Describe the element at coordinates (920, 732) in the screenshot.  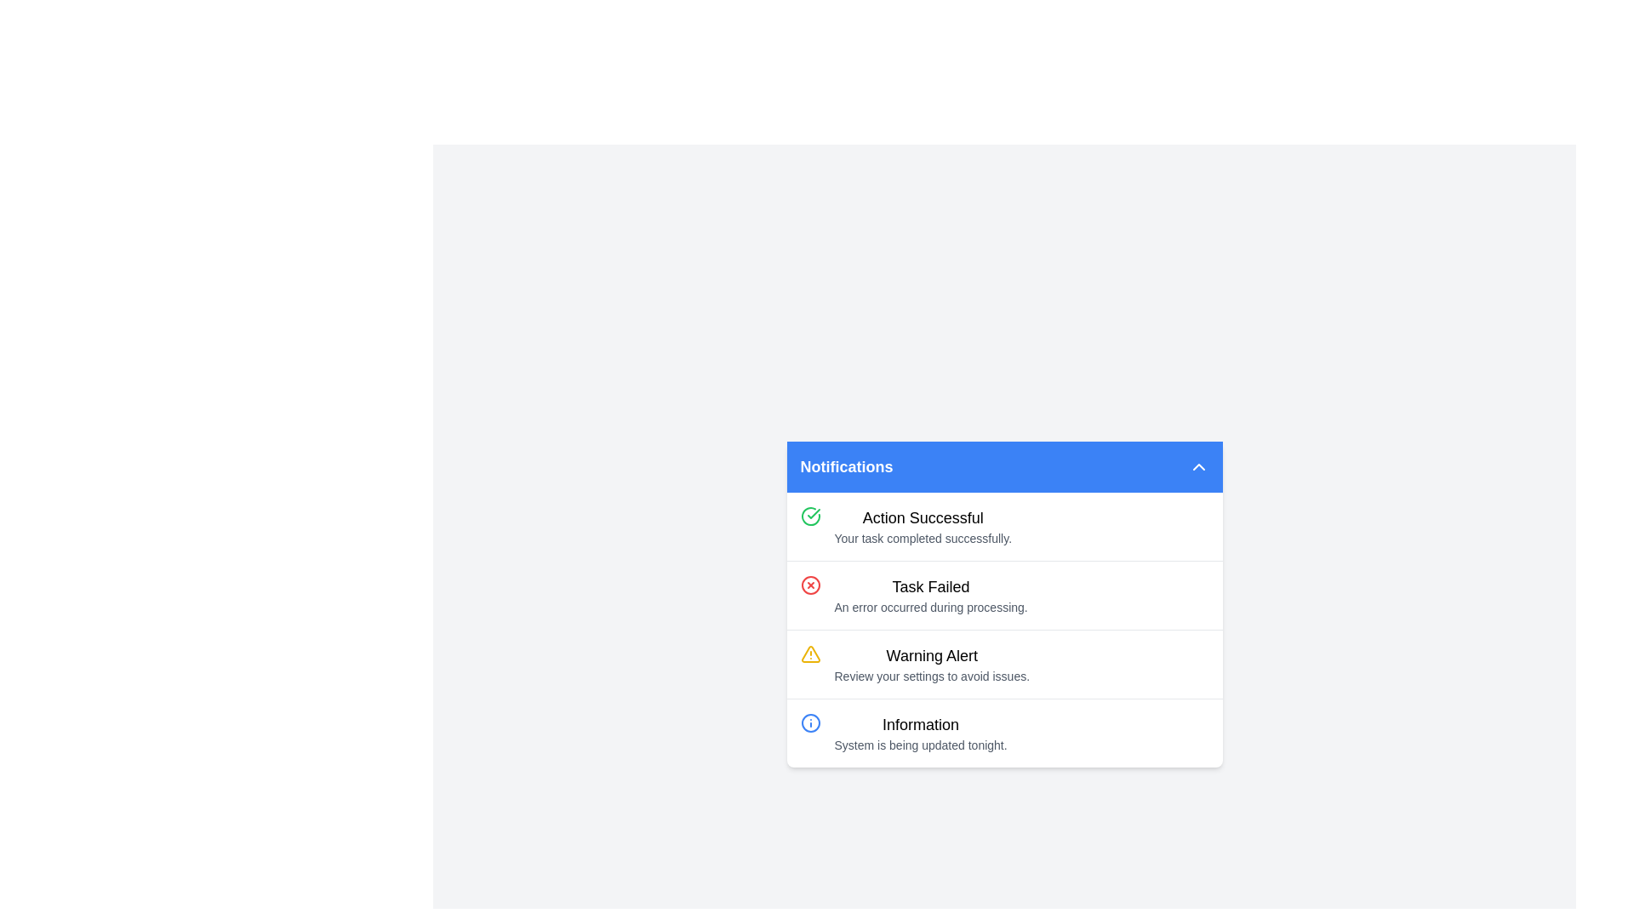
I see `information conveyed in the text block labeled 'Information' that contains a header in bold black text and a subtext in smaller grey font, located in the bottom-most row of the notifications card` at that location.